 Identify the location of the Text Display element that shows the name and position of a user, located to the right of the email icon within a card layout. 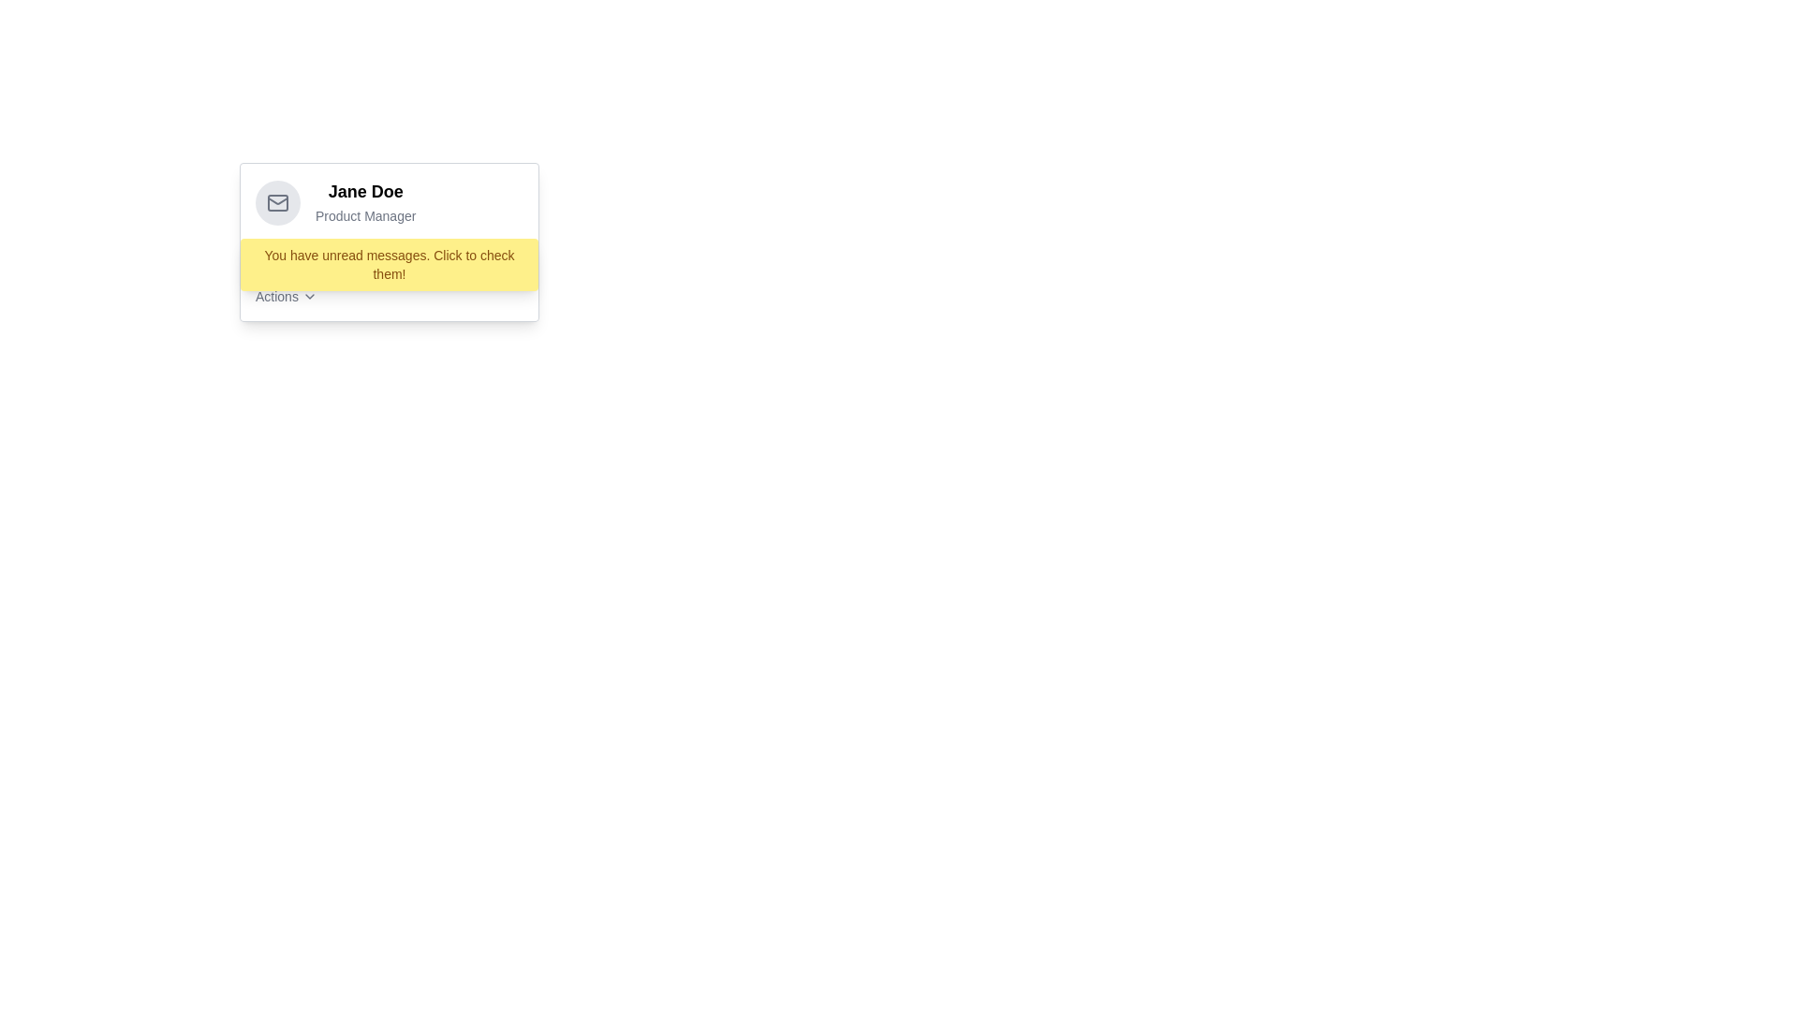
(365, 202).